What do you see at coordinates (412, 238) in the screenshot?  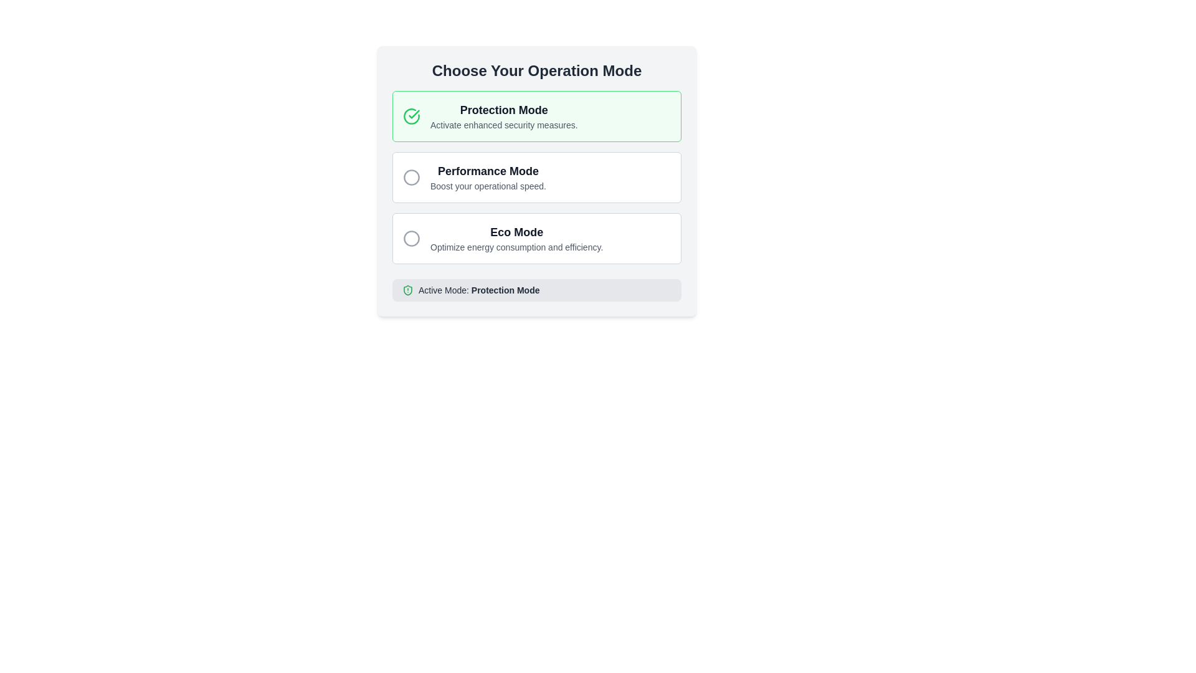 I see `the selectable circle indicator located in the 'Eco Mode' section` at bounding box center [412, 238].